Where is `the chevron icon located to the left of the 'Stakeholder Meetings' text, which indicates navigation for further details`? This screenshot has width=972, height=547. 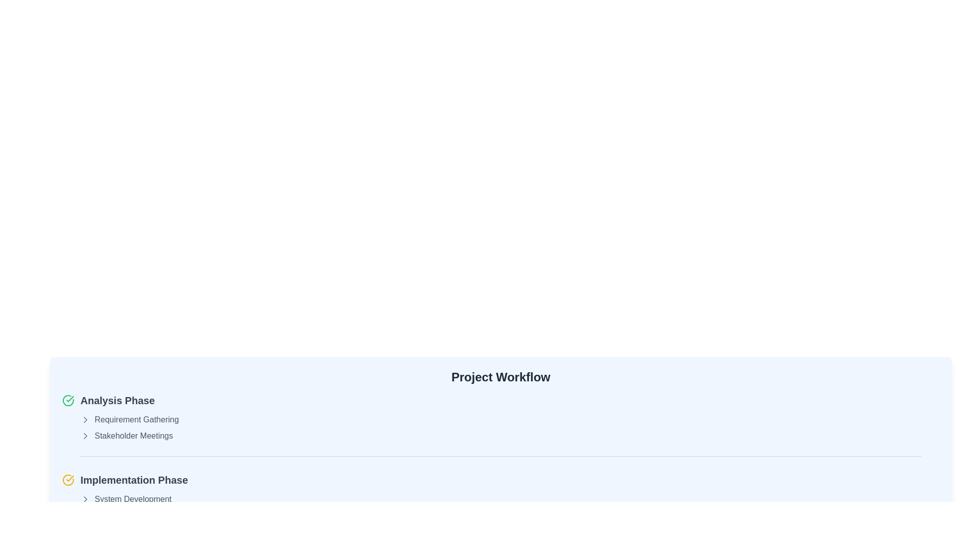
the chevron icon located to the left of the 'Stakeholder Meetings' text, which indicates navigation for further details is located at coordinates (85, 435).